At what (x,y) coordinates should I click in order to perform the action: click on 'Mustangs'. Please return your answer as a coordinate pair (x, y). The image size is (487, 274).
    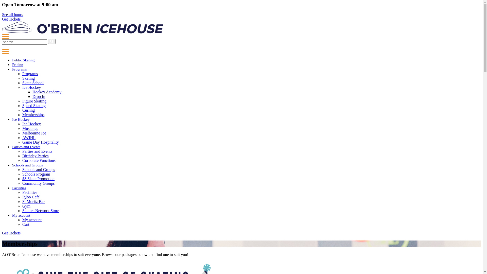
    Looking at the image, I should click on (30, 128).